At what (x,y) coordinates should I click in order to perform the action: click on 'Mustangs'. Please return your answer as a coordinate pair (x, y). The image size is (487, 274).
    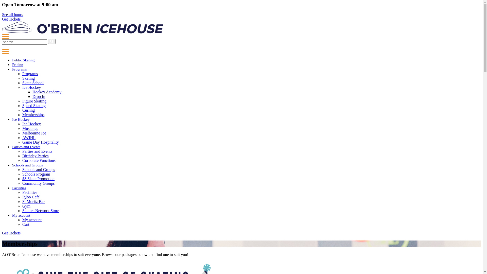
    Looking at the image, I should click on (30, 128).